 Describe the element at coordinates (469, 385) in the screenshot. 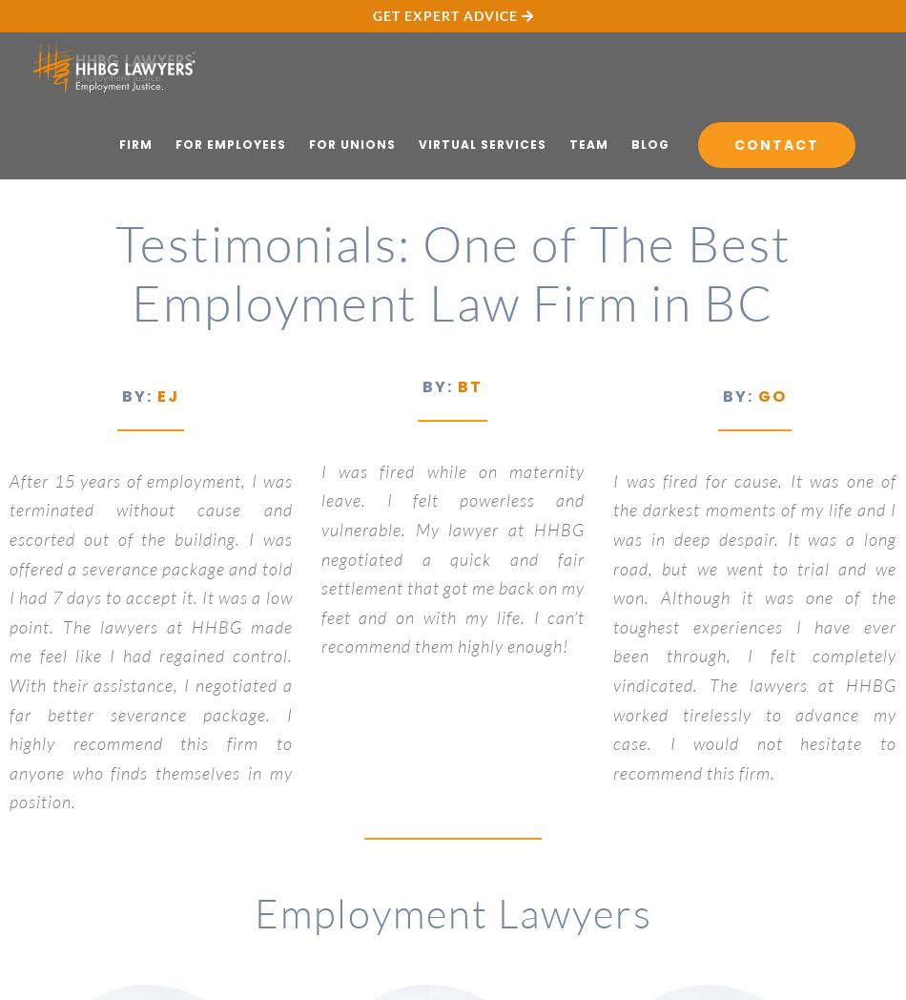

I see `'BT'` at that location.